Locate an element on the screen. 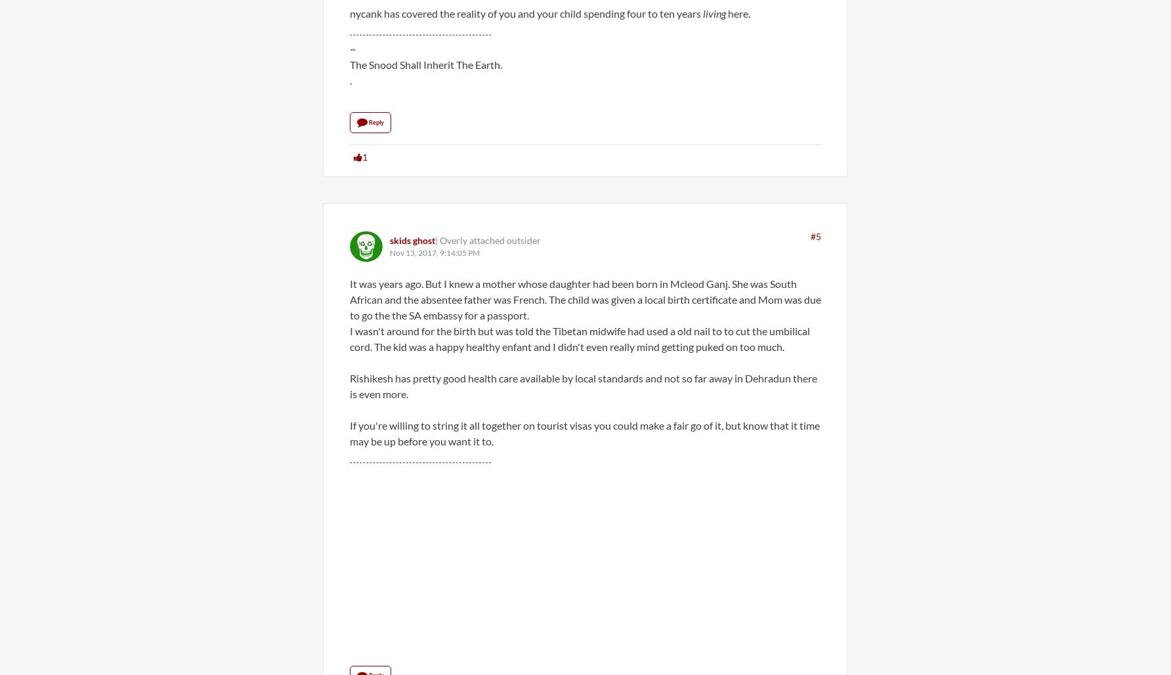 This screenshot has width=1171, height=675. 'It was years ago. But I knew a mother whose daughter had been born in Mcleod Ganj. She was South African and the absentee father was French. The child was given a local birth certificate and Mom was due to go the the SA embassy for a passport.' is located at coordinates (585, 298).